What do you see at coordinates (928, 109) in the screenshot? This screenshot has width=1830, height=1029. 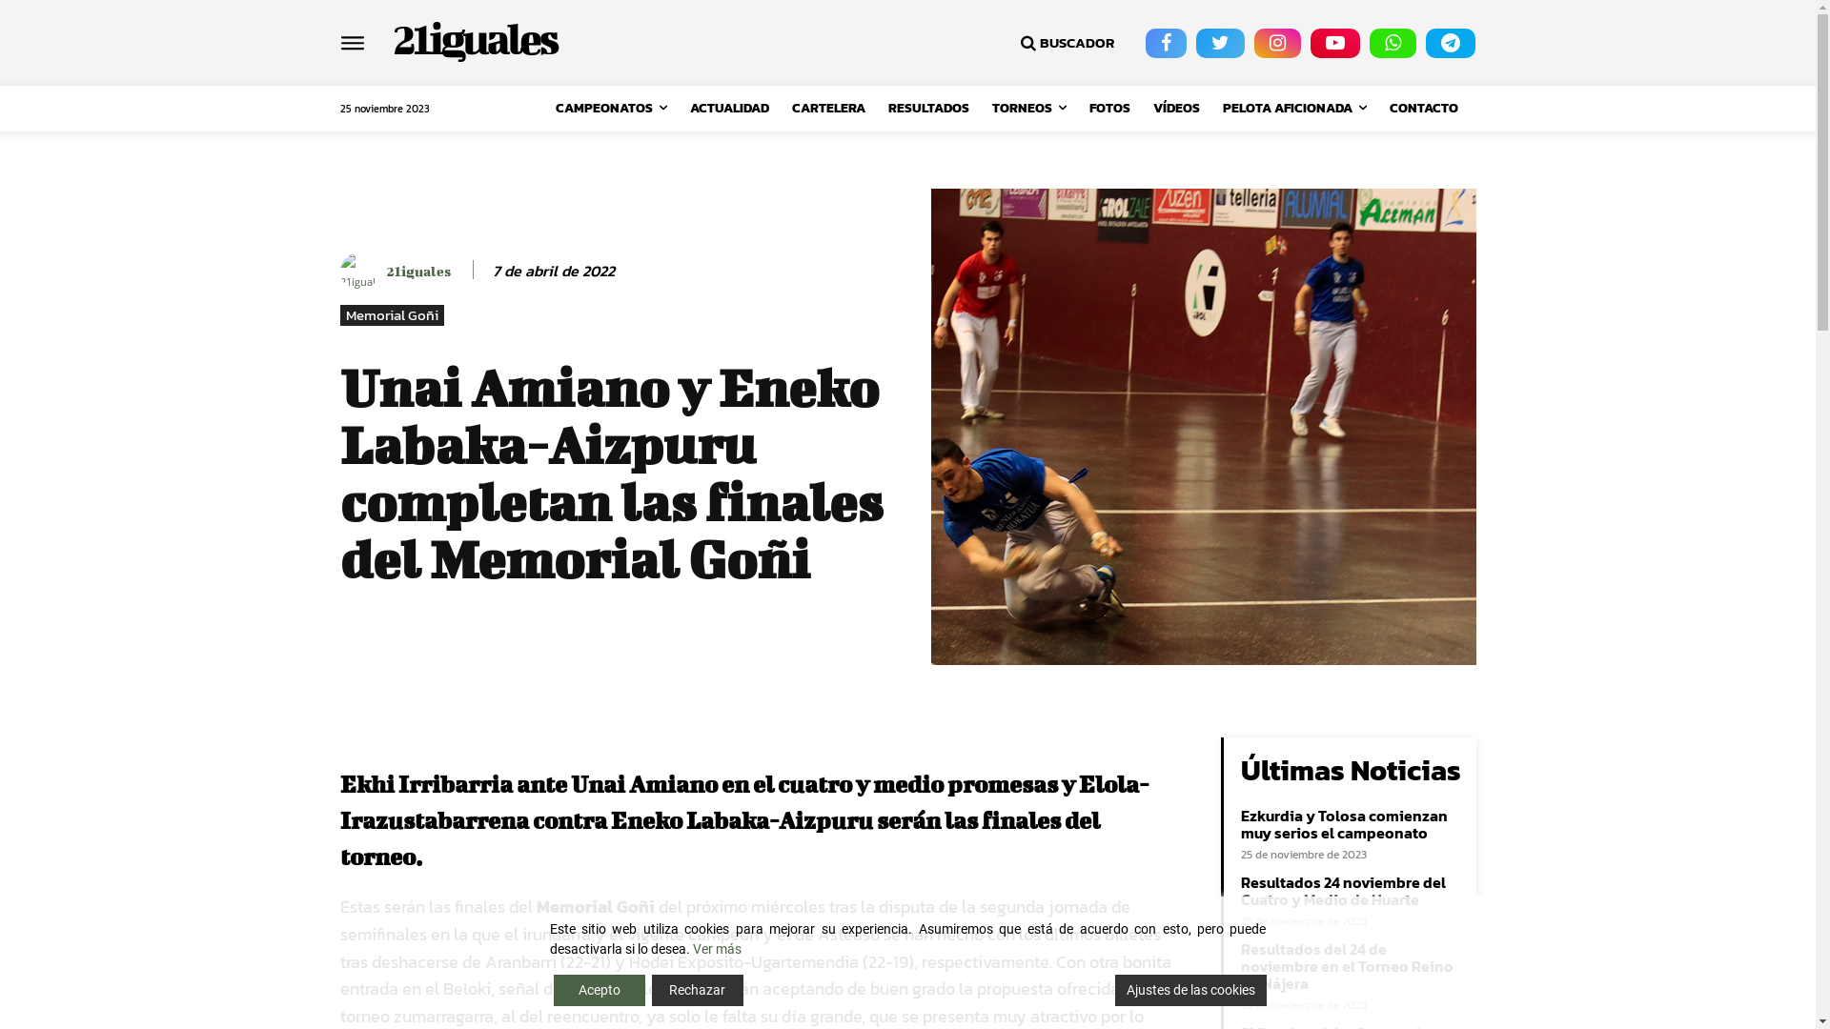 I see `'RESULTADOS'` at bounding box center [928, 109].